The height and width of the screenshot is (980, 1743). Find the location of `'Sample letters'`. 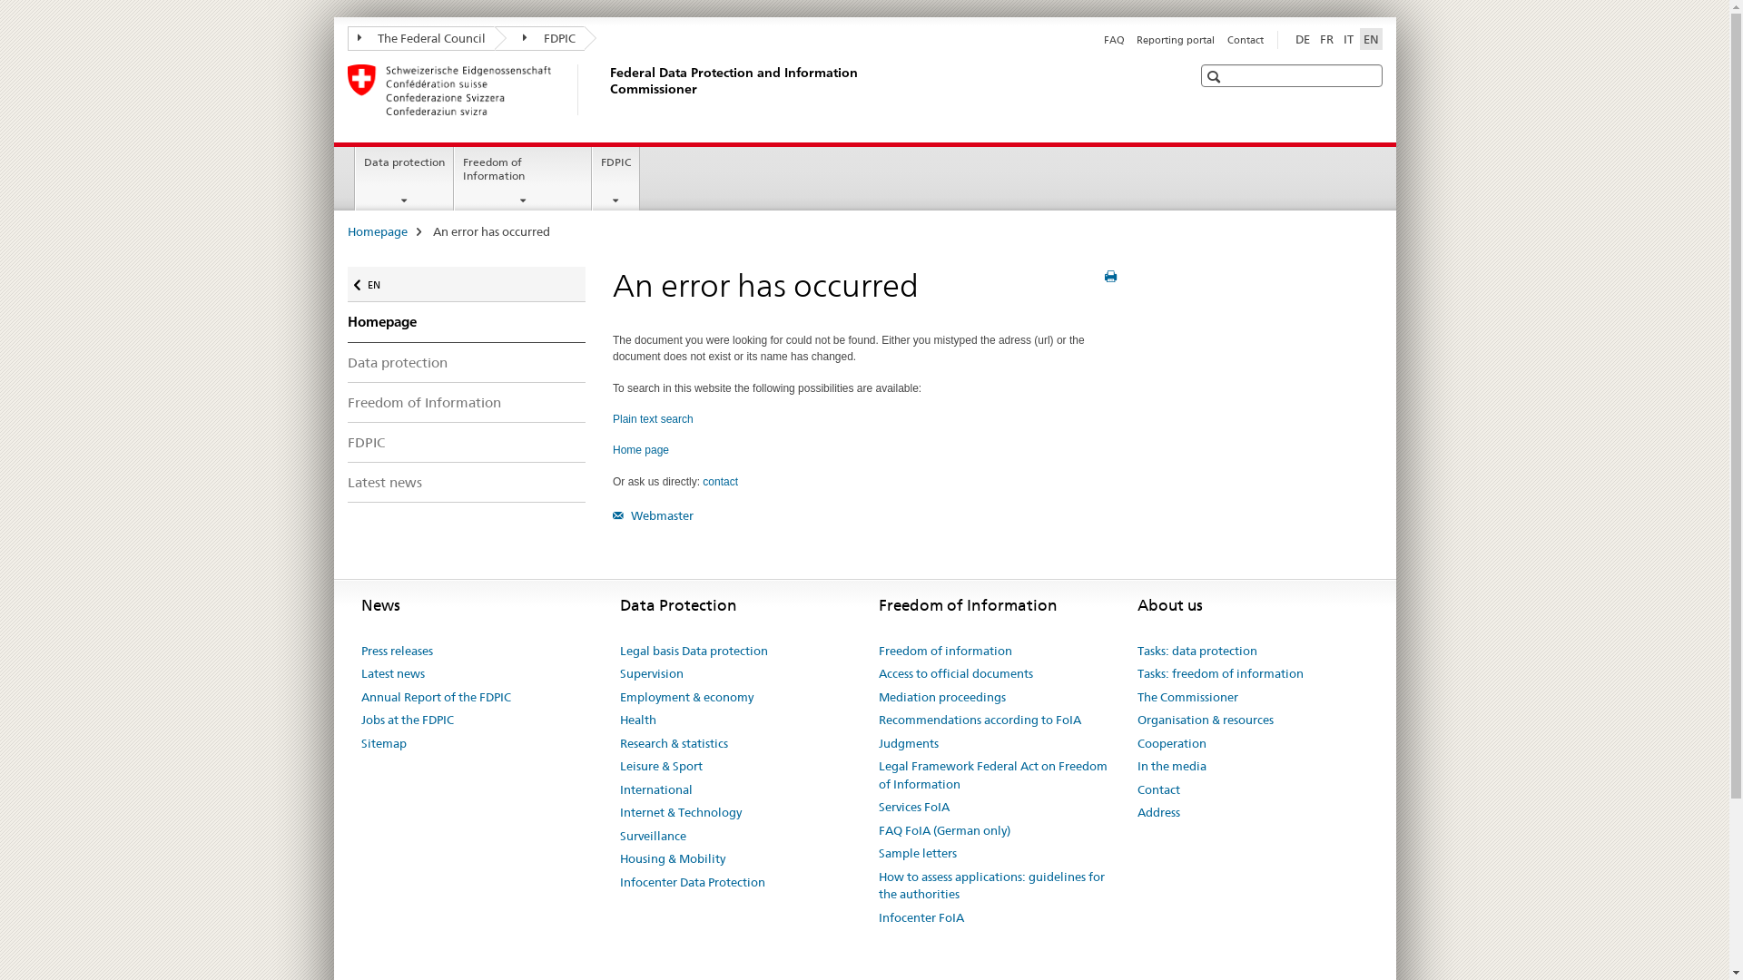

'Sample letters' is located at coordinates (918, 854).